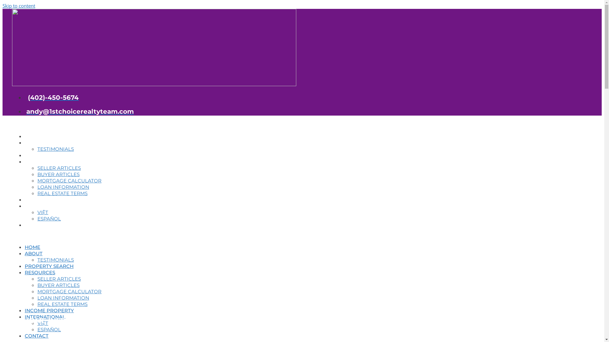  Describe the element at coordinates (37, 180) in the screenshot. I see `'MORTGAGE CALCULATOR'` at that location.